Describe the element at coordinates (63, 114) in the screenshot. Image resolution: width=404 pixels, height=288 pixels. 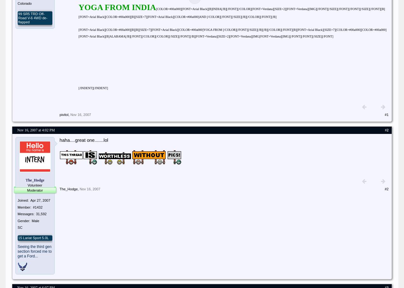
I see `'pivitol'` at that location.